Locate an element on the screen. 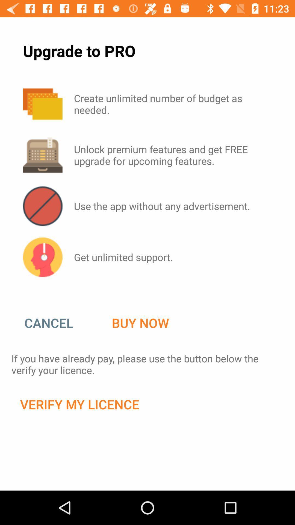 This screenshot has height=525, width=295. the item to the left of the buy now item is located at coordinates (54, 323).